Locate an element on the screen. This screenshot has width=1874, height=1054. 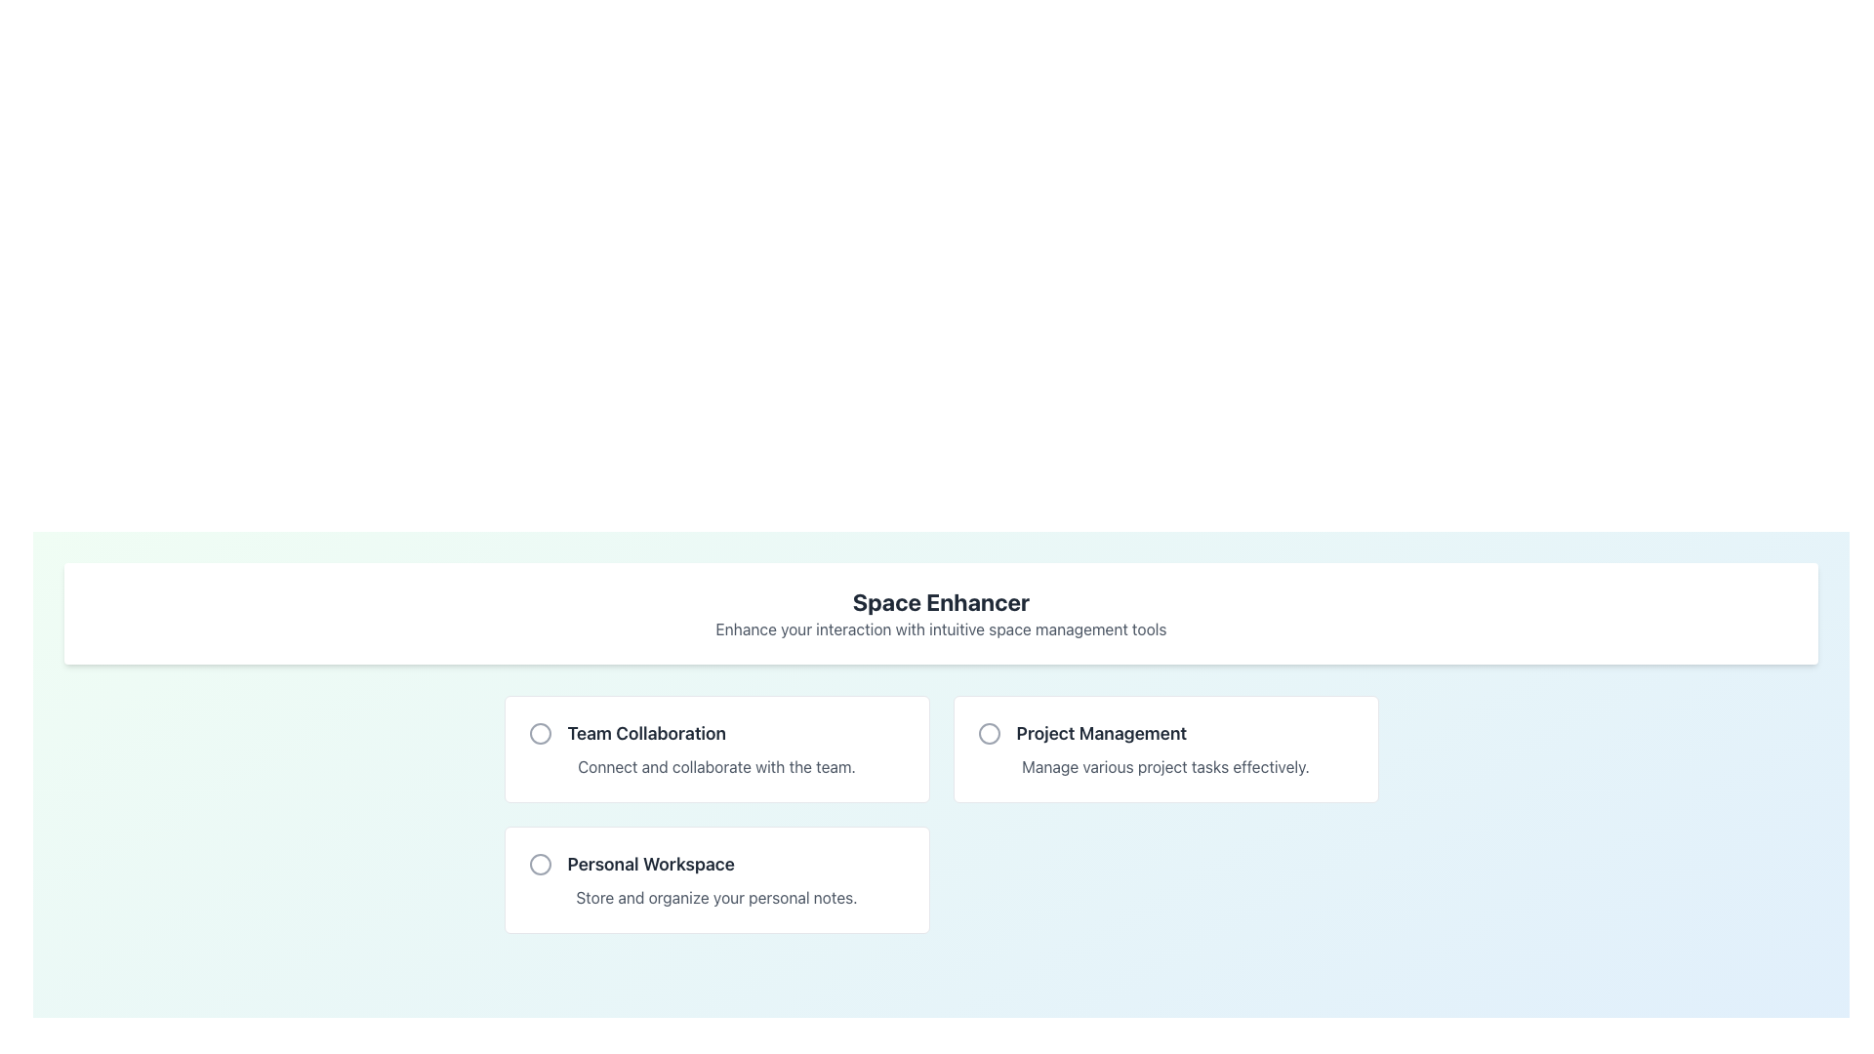
the 'Personal Workspace' text with the decorative circular icon next to it is located at coordinates (715, 864).